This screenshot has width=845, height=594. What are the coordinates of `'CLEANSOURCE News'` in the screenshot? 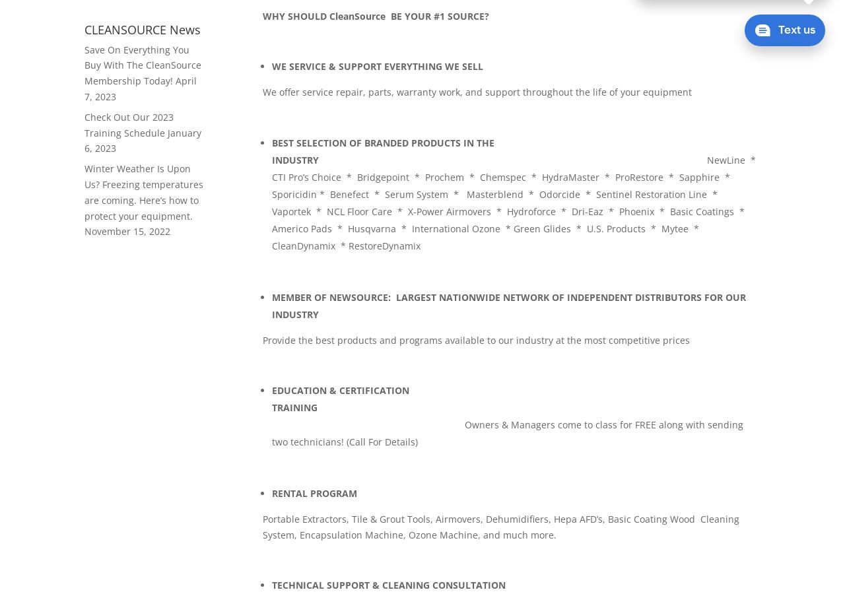 It's located at (143, 28).